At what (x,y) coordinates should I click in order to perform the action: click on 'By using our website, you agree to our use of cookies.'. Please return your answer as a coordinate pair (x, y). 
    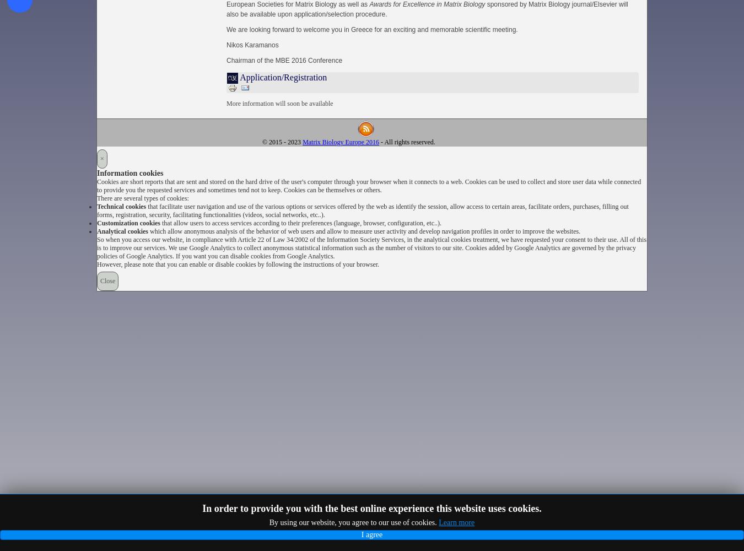
    Looking at the image, I should click on (354, 522).